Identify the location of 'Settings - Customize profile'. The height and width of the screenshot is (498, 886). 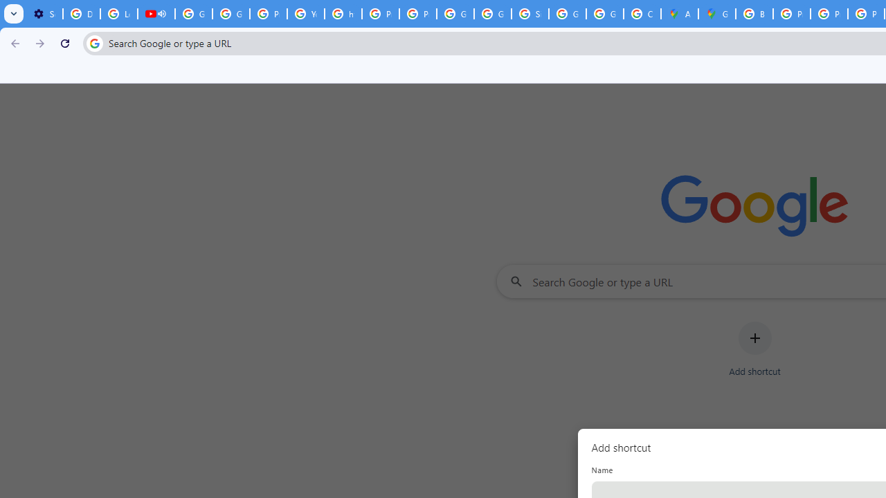
(44, 14).